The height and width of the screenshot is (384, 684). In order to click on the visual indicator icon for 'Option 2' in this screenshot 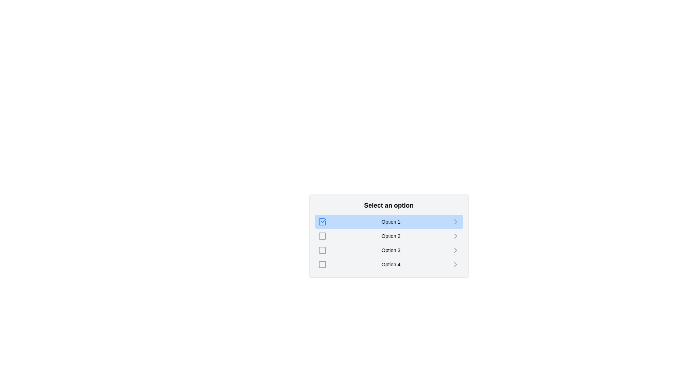, I will do `click(322, 236)`.